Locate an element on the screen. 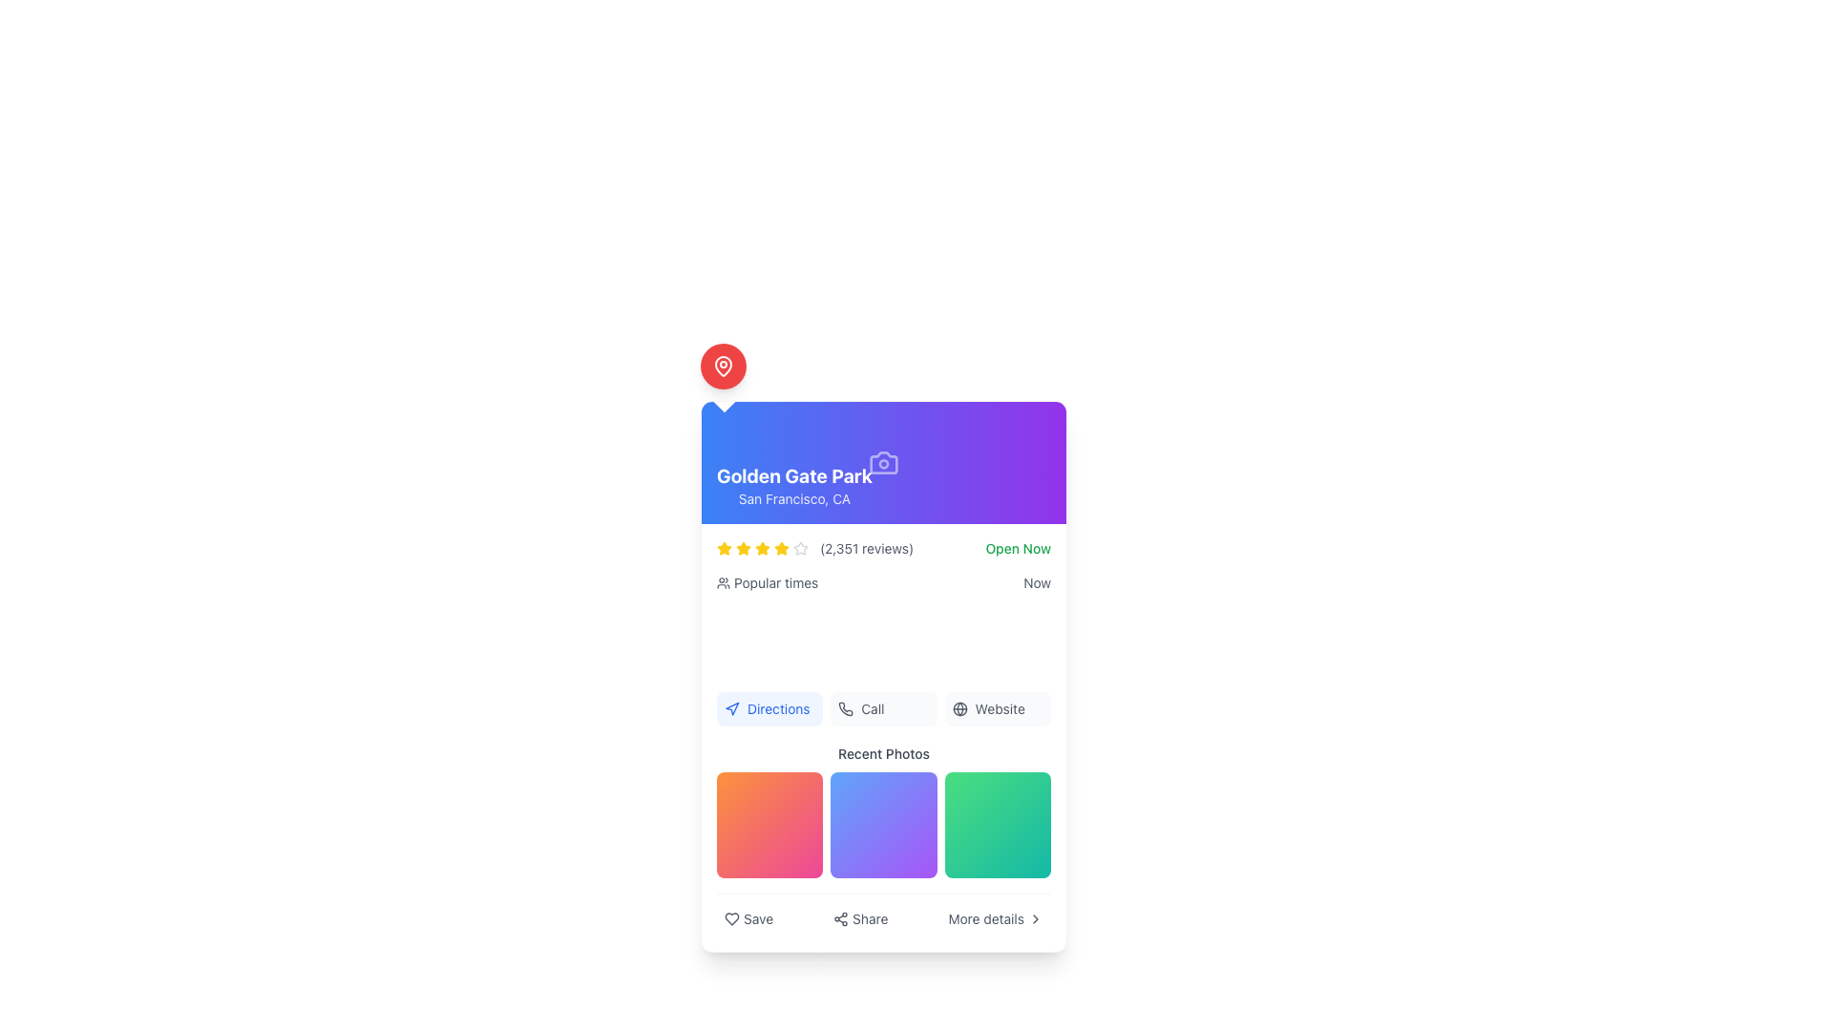 The image size is (1833, 1031). the second Icon Button in the communication options that initiates a phone call is located at coordinates (845, 708).